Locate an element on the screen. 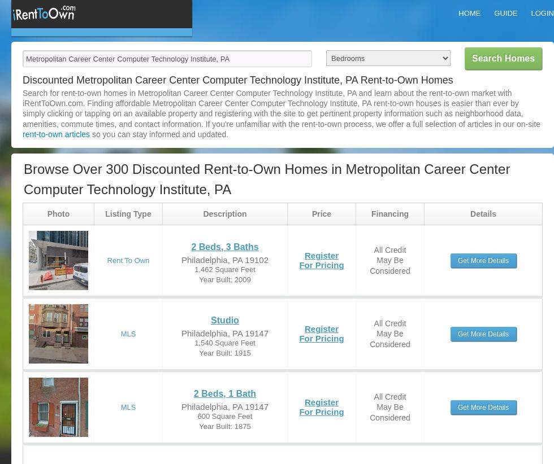 This screenshot has height=464, width=554. 'Discounted Metropolitan Career Center Computer Technology Institute, PA Rent-to-Own Homes' is located at coordinates (22, 80).